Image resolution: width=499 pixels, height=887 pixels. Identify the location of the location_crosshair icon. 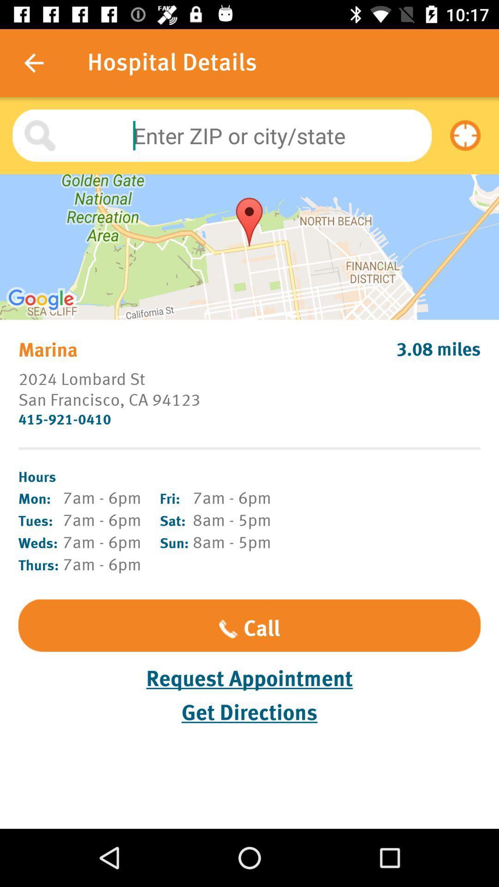
(465, 135).